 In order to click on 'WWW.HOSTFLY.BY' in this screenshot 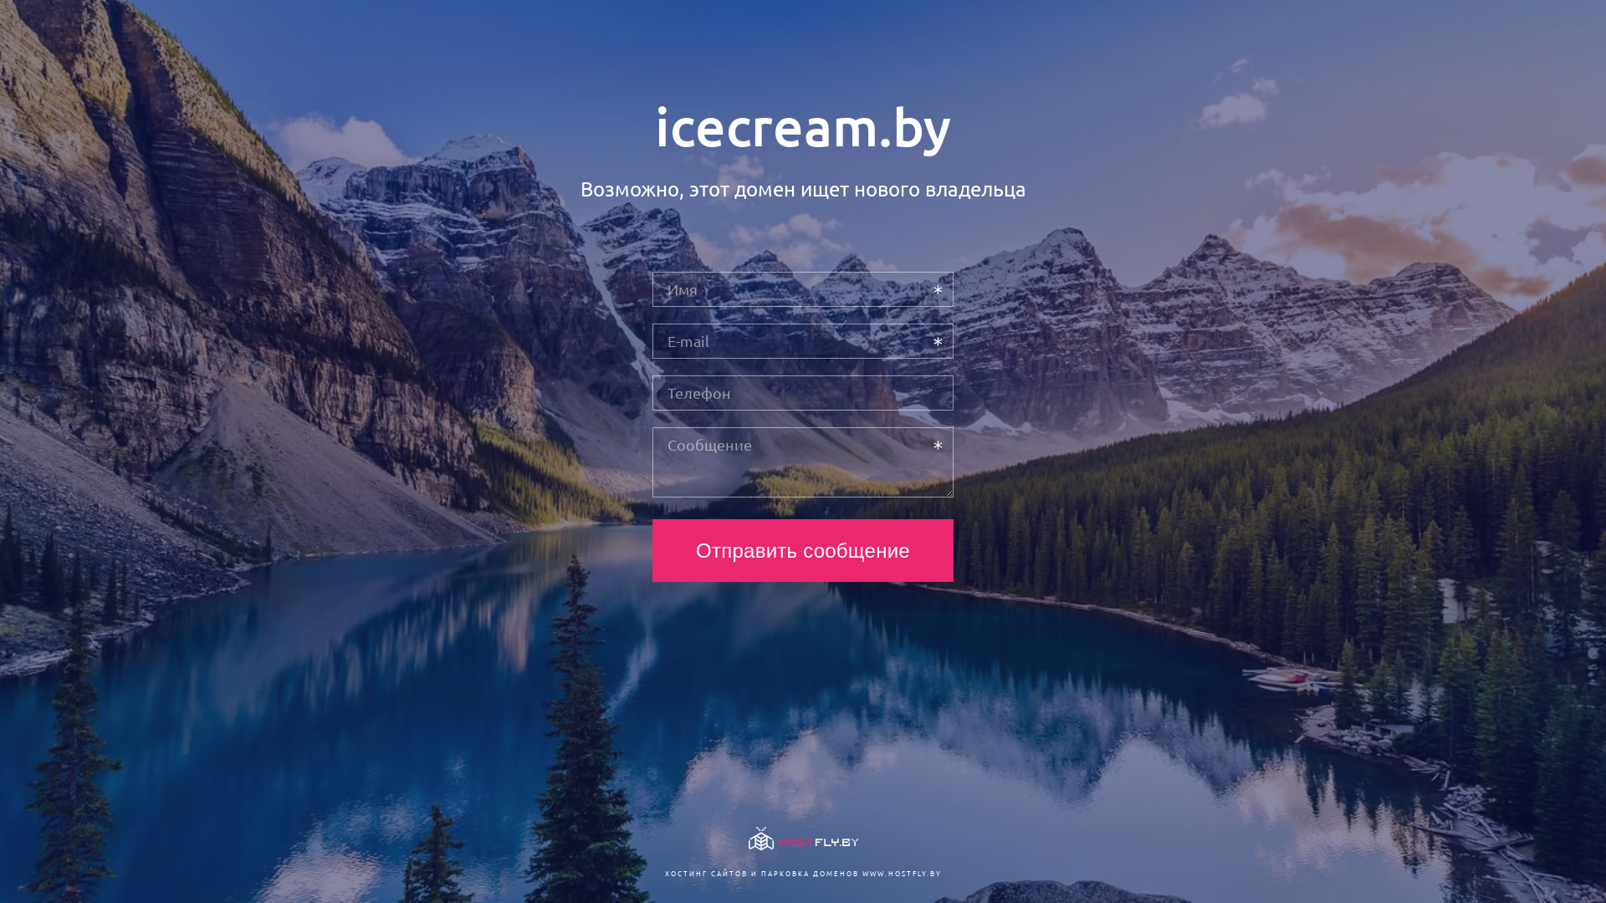, I will do `click(900, 872)`.